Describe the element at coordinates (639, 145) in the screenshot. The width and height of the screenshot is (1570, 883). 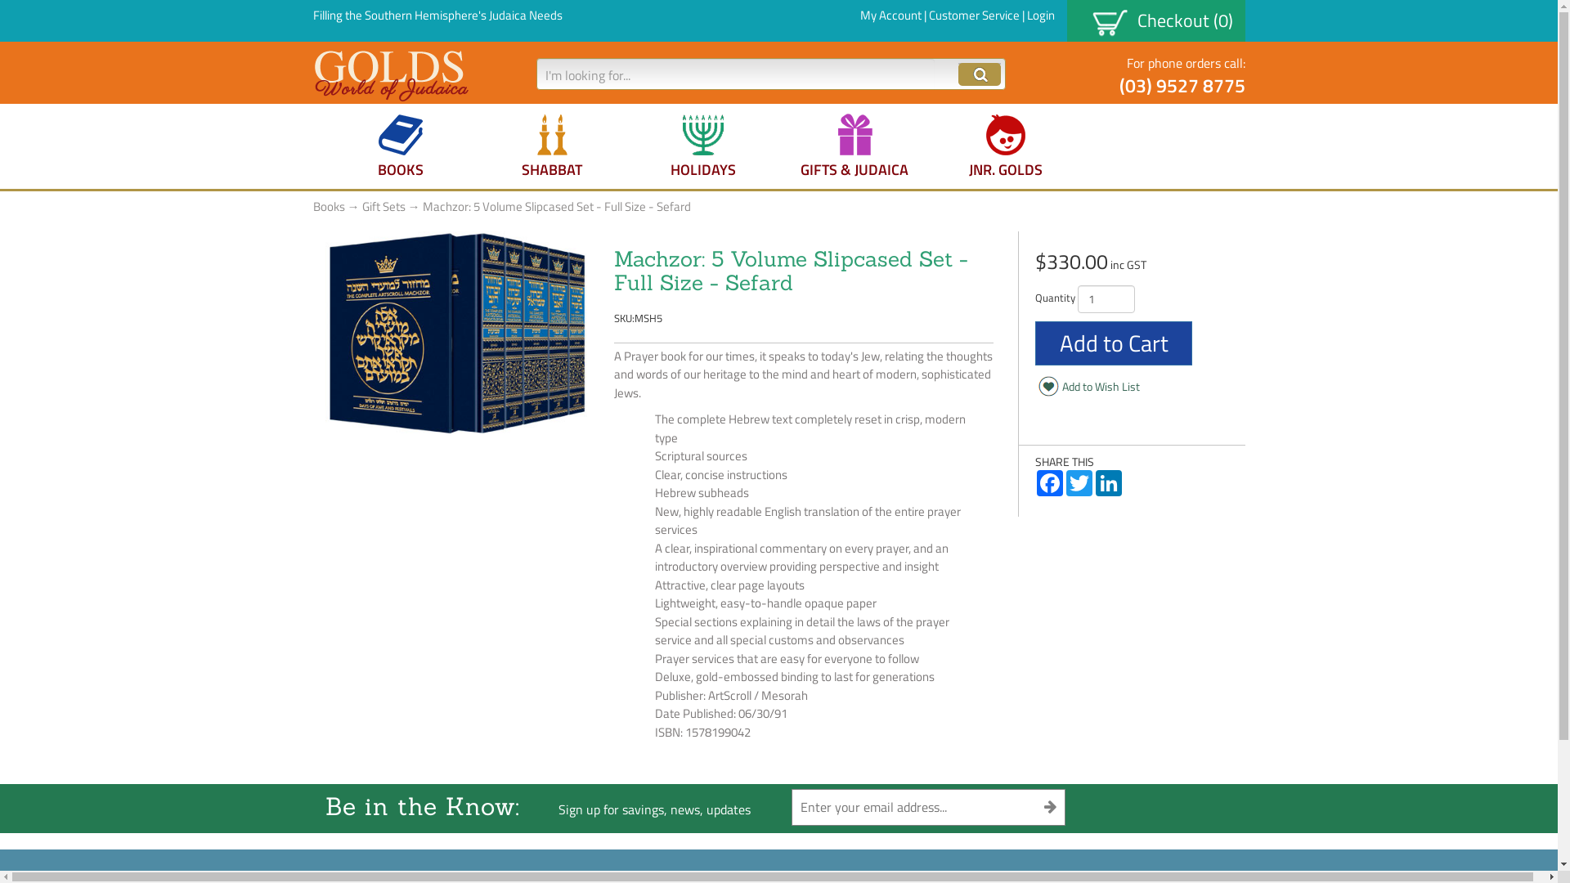
I see `'HOLIDAYS'` at that location.